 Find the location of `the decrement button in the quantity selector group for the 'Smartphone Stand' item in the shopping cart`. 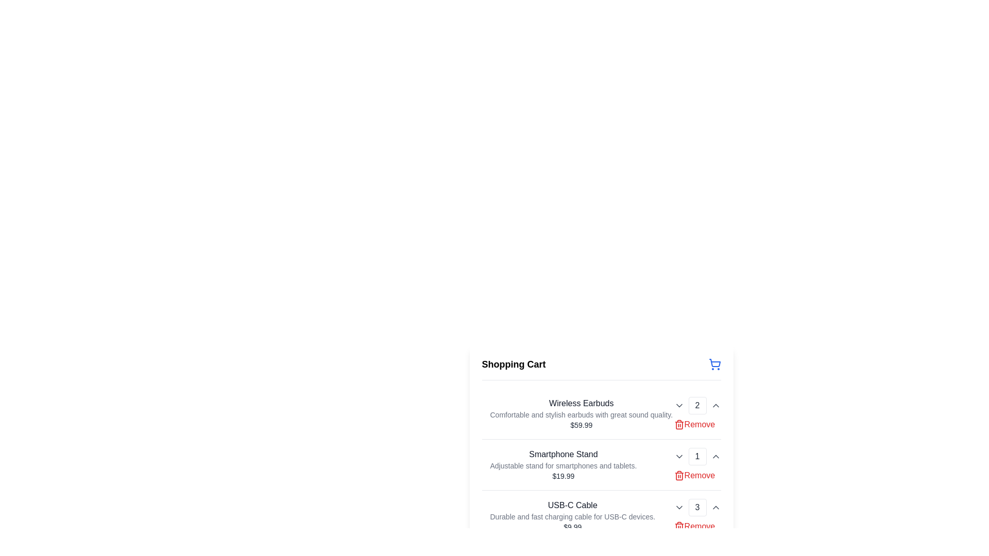

the decrement button in the quantity selector group for the 'Smartphone Stand' item in the shopping cart is located at coordinates (697, 464).